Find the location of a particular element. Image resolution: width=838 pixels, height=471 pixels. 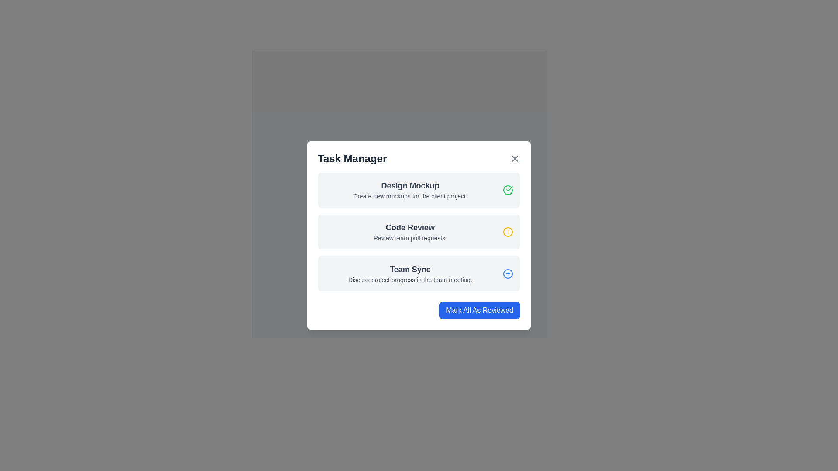

individual tasks within the 'Task Manager' modal dialog by clicking on one of the task entries for more details is located at coordinates (419, 235).